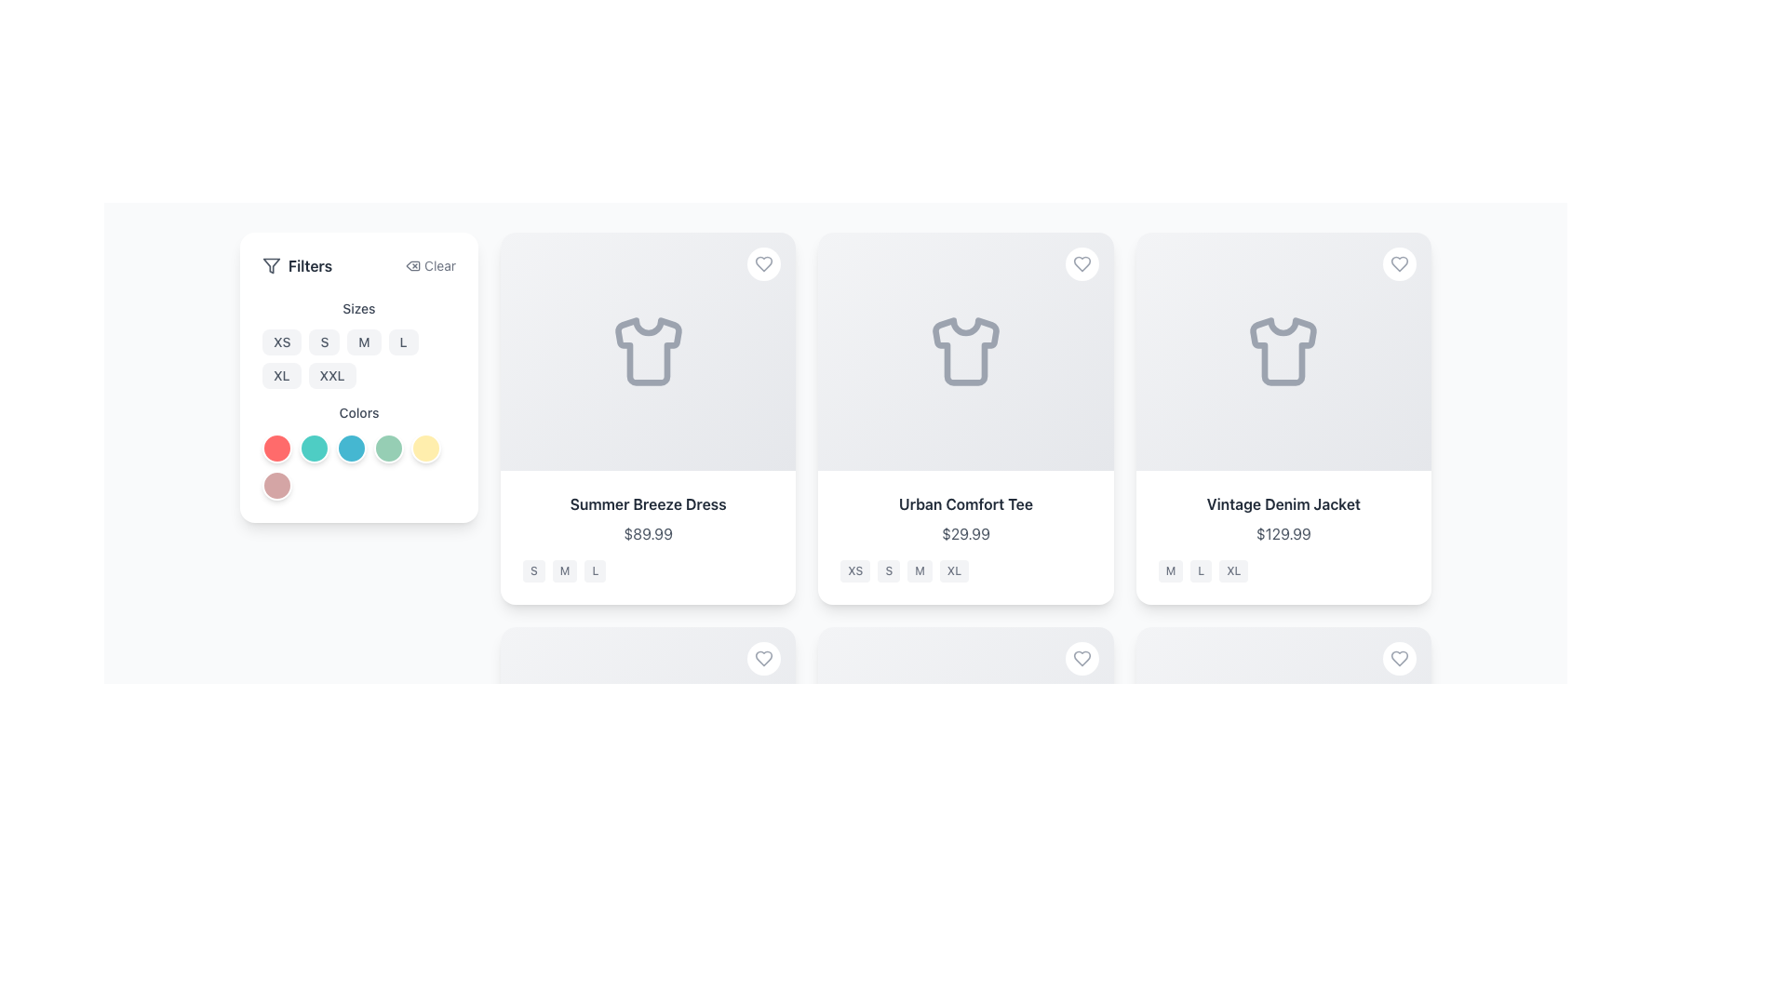 The height and width of the screenshot is (1005, 1787). What do you see at coordinates (764, 264) in the screenshot?
I see `the heart icon button located in the top-right corner of the product card titled 'Summer Breeze Dress'. This button is the second icon in the sequence of two interactive icons on the card` at bounding box center [764, 264].